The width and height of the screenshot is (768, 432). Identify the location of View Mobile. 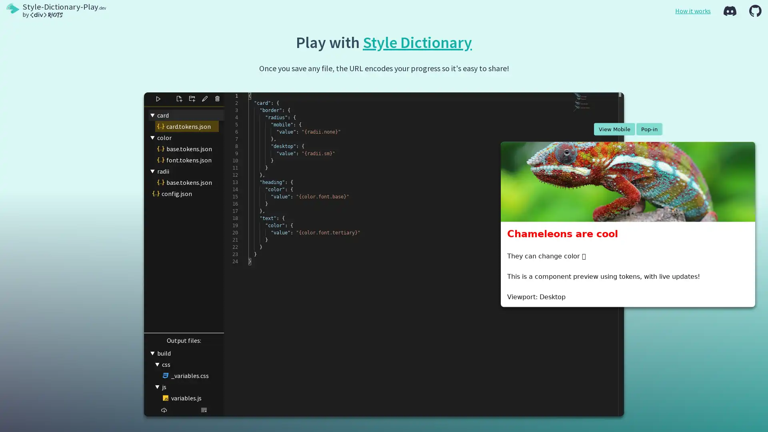
(614, 128).